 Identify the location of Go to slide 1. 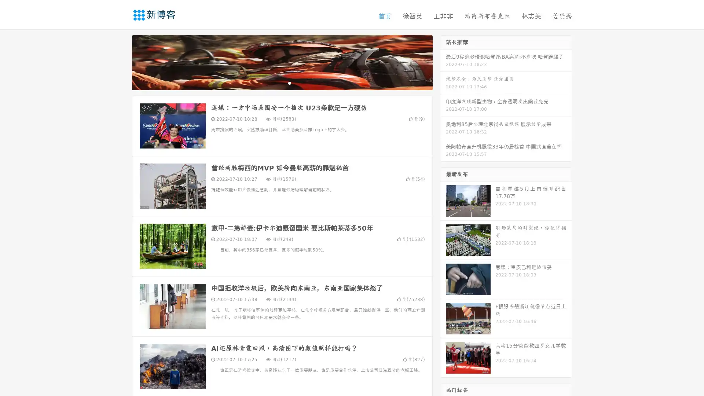
(274, 82).